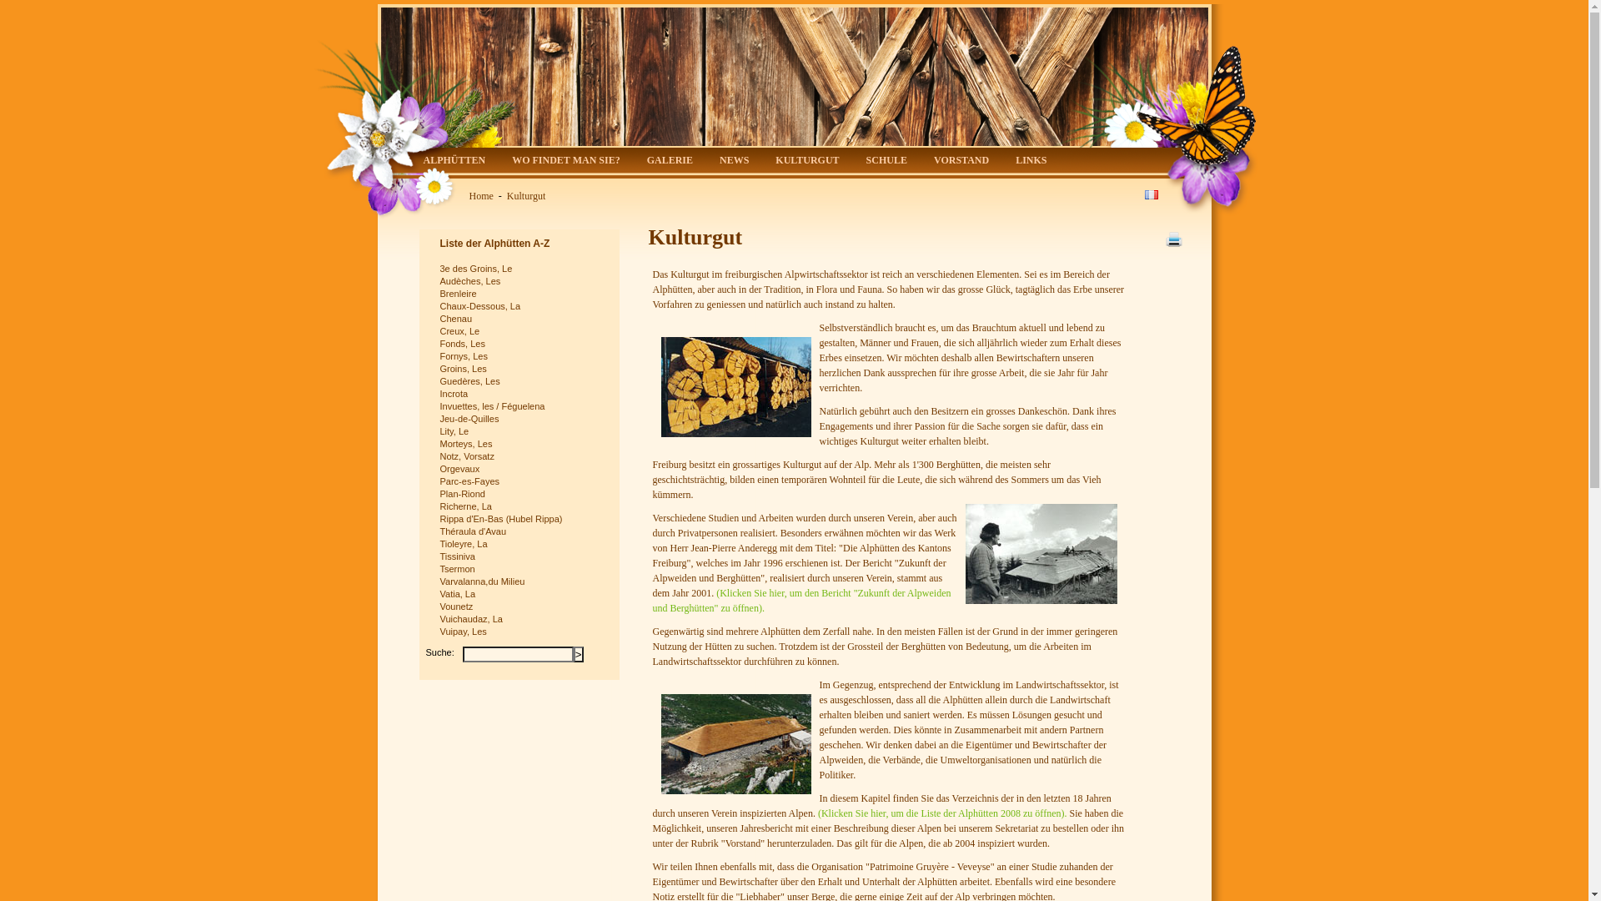 The width and height of the screenshot is (1601, 901). Describe the element at coordinates (520, 518) in the screenshot. I see `'Rippa d'En-Bas (Hubel Rippa)'` at that location.